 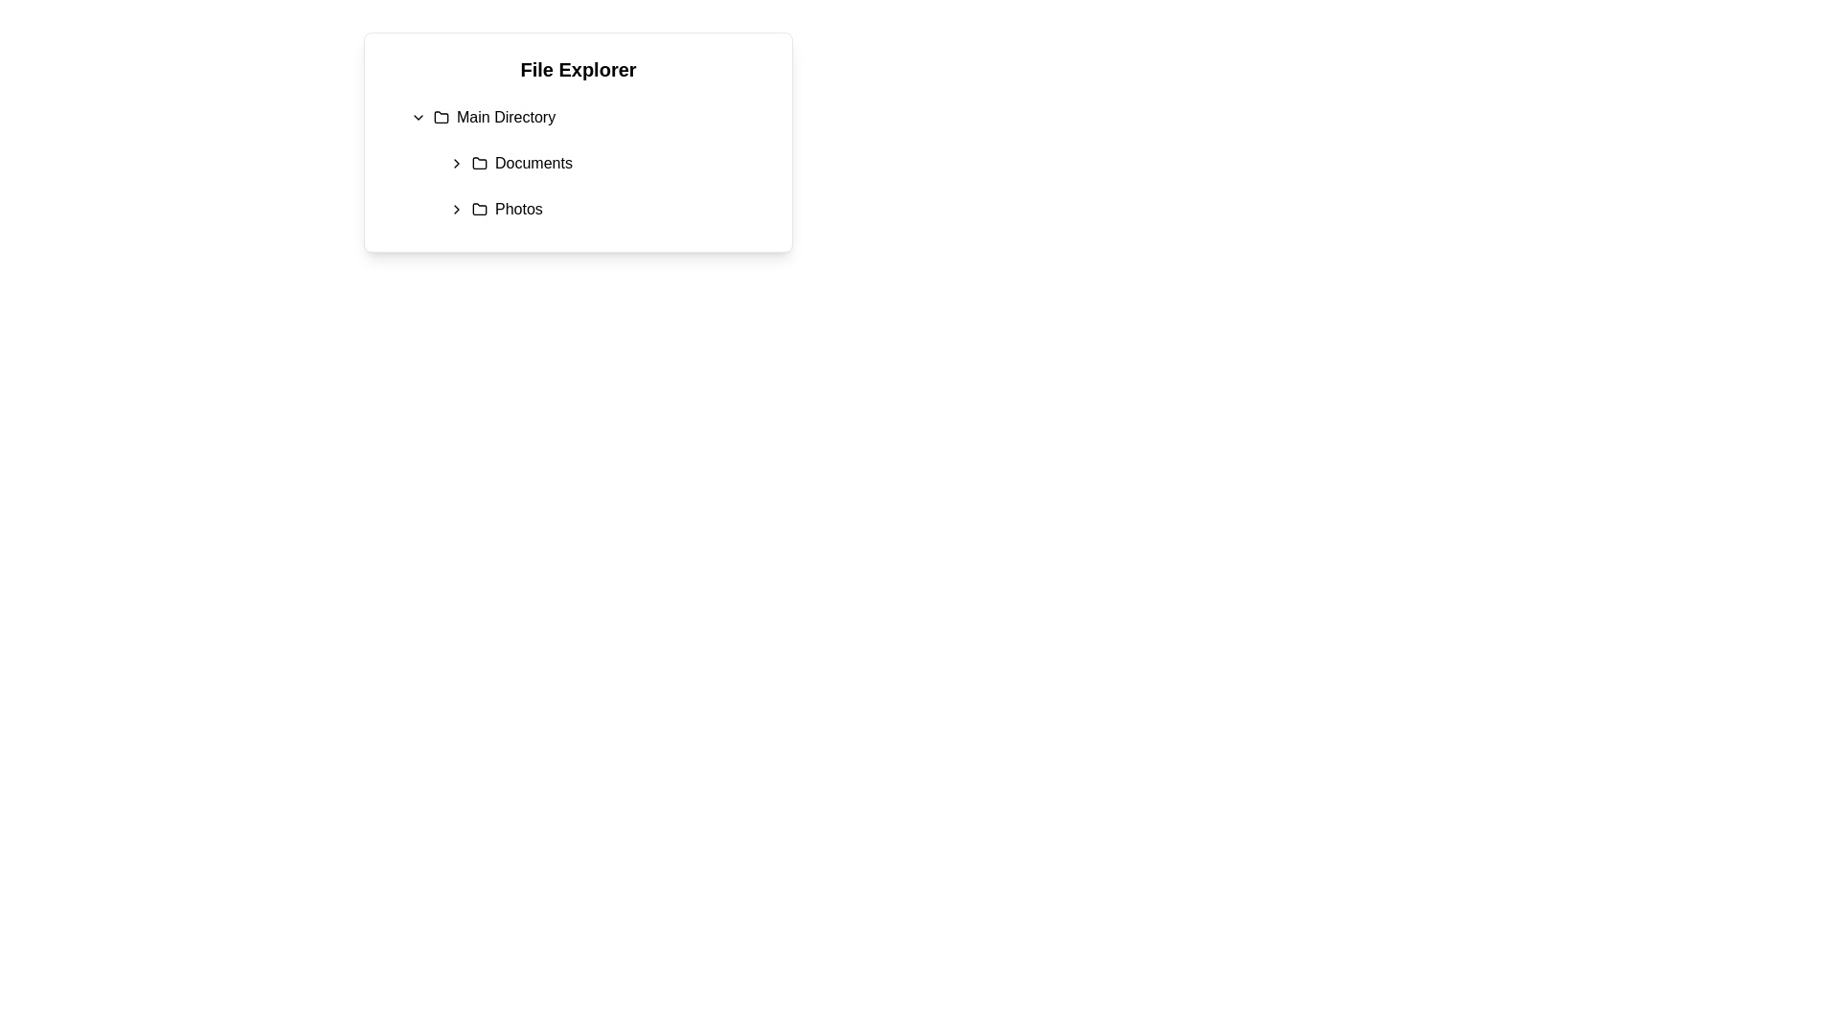 What do you see at coordinates (455, 210) in the screenshot?
I see `the right-facing chevron arrow icon` at bounding box center [455, 210].